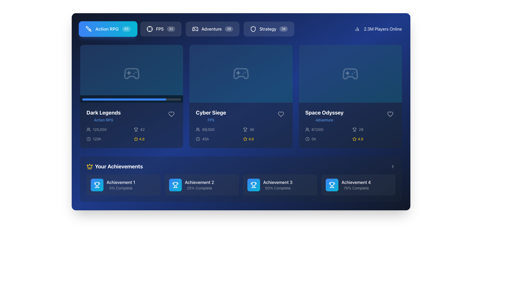 This screenshot has height=285, width=508. Describe the element at coordinates (170, 99) in the screenshot. I see `the progress bar` at that location.